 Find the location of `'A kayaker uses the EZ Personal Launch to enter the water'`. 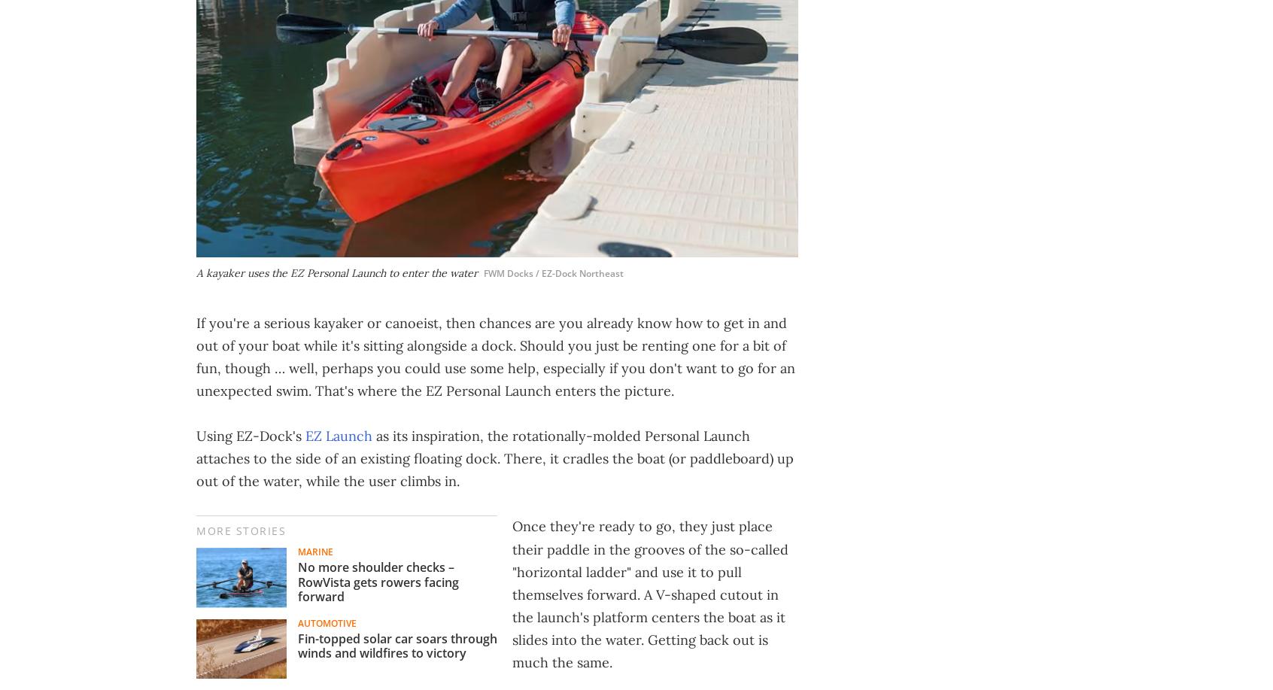

'A kayaker uses the EZ Personal Launch to enter the water' is located at coordinates (336, 272).